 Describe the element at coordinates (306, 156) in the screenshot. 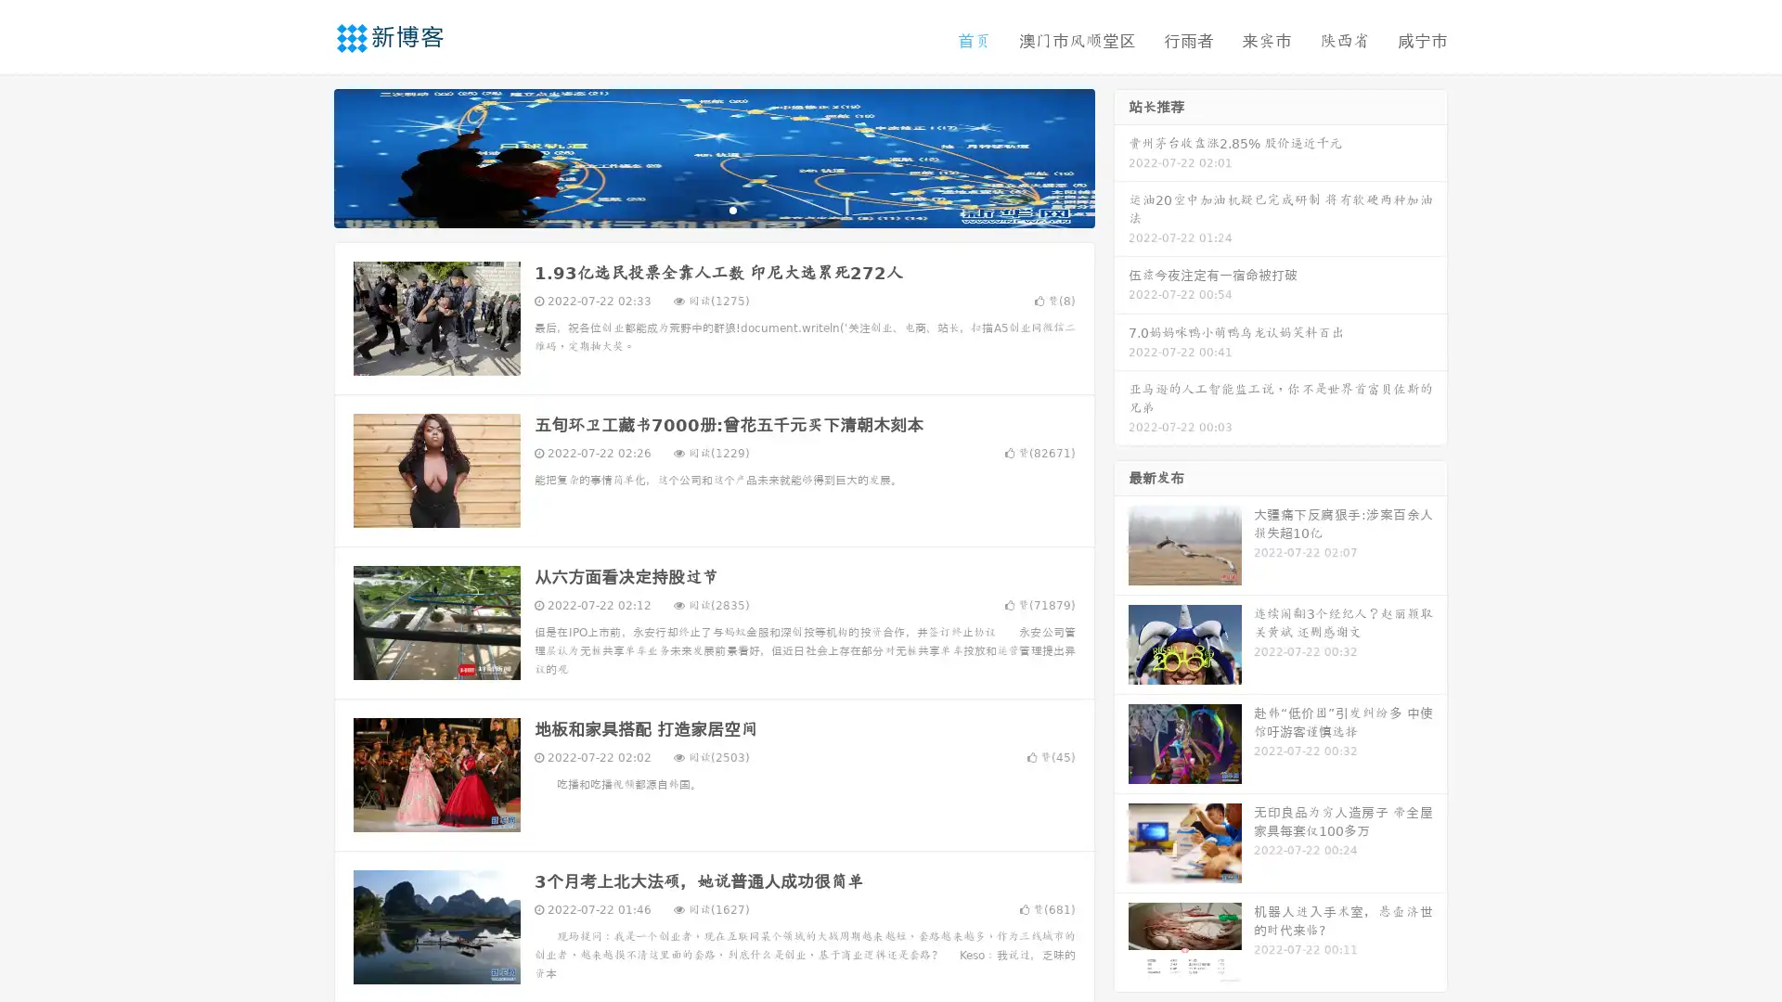

I see `Previous slide` at that location.